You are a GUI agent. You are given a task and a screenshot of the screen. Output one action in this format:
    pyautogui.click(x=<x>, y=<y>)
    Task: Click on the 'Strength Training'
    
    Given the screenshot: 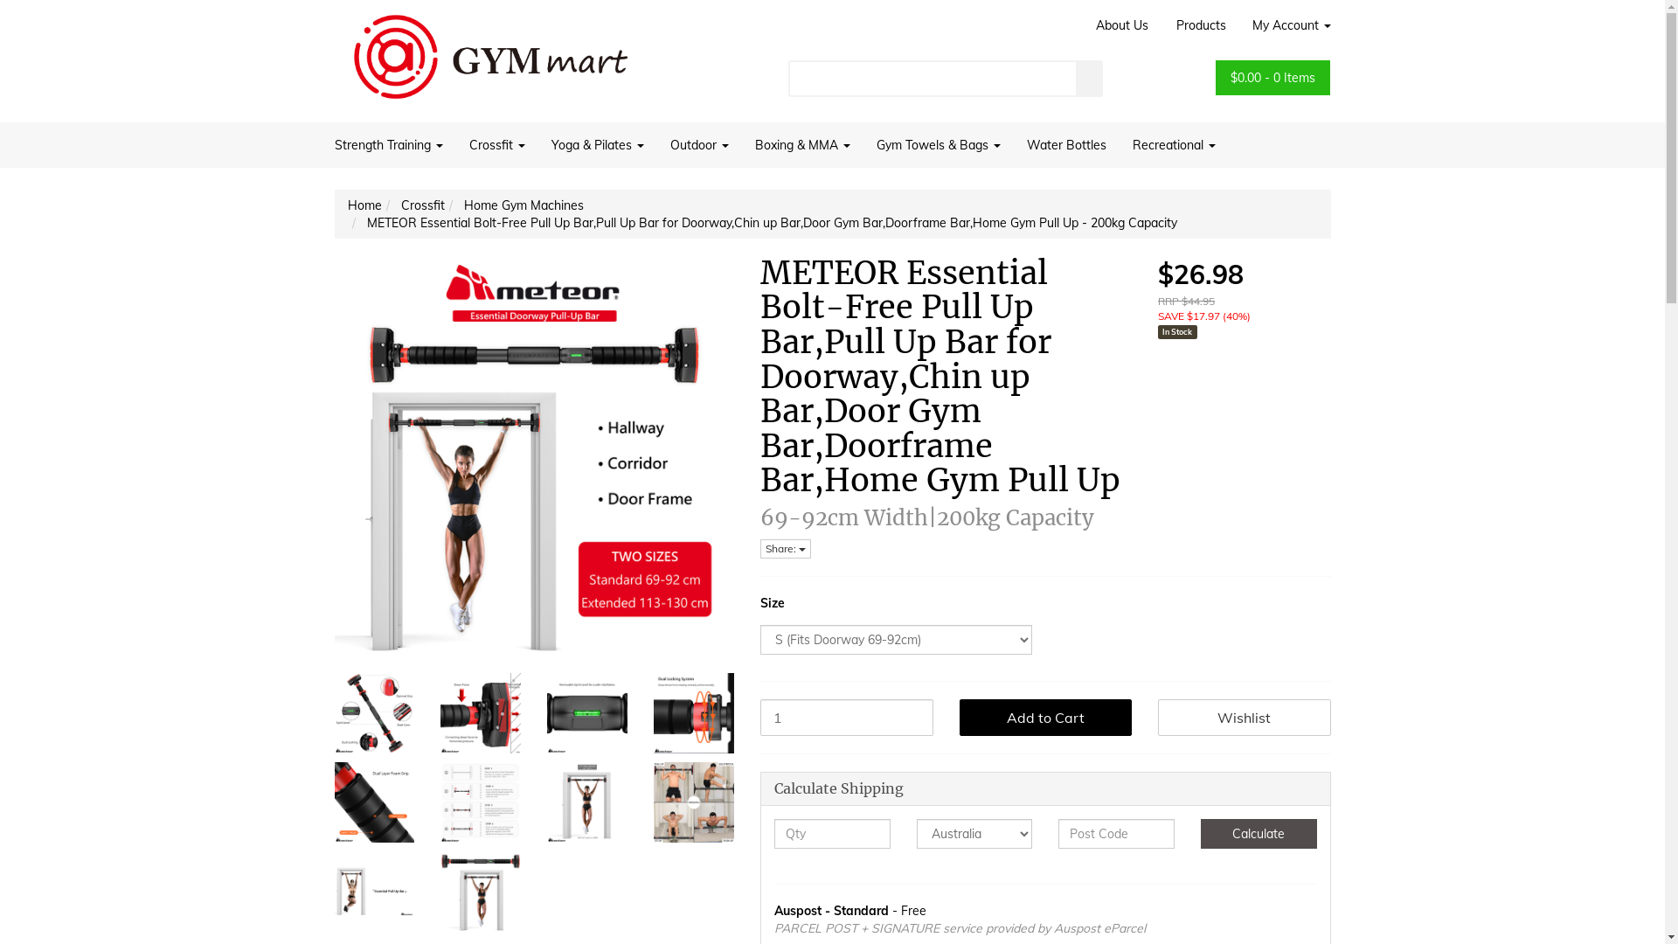 What is the action you would take?
    pyautogui.click(x=393, y=143)
    